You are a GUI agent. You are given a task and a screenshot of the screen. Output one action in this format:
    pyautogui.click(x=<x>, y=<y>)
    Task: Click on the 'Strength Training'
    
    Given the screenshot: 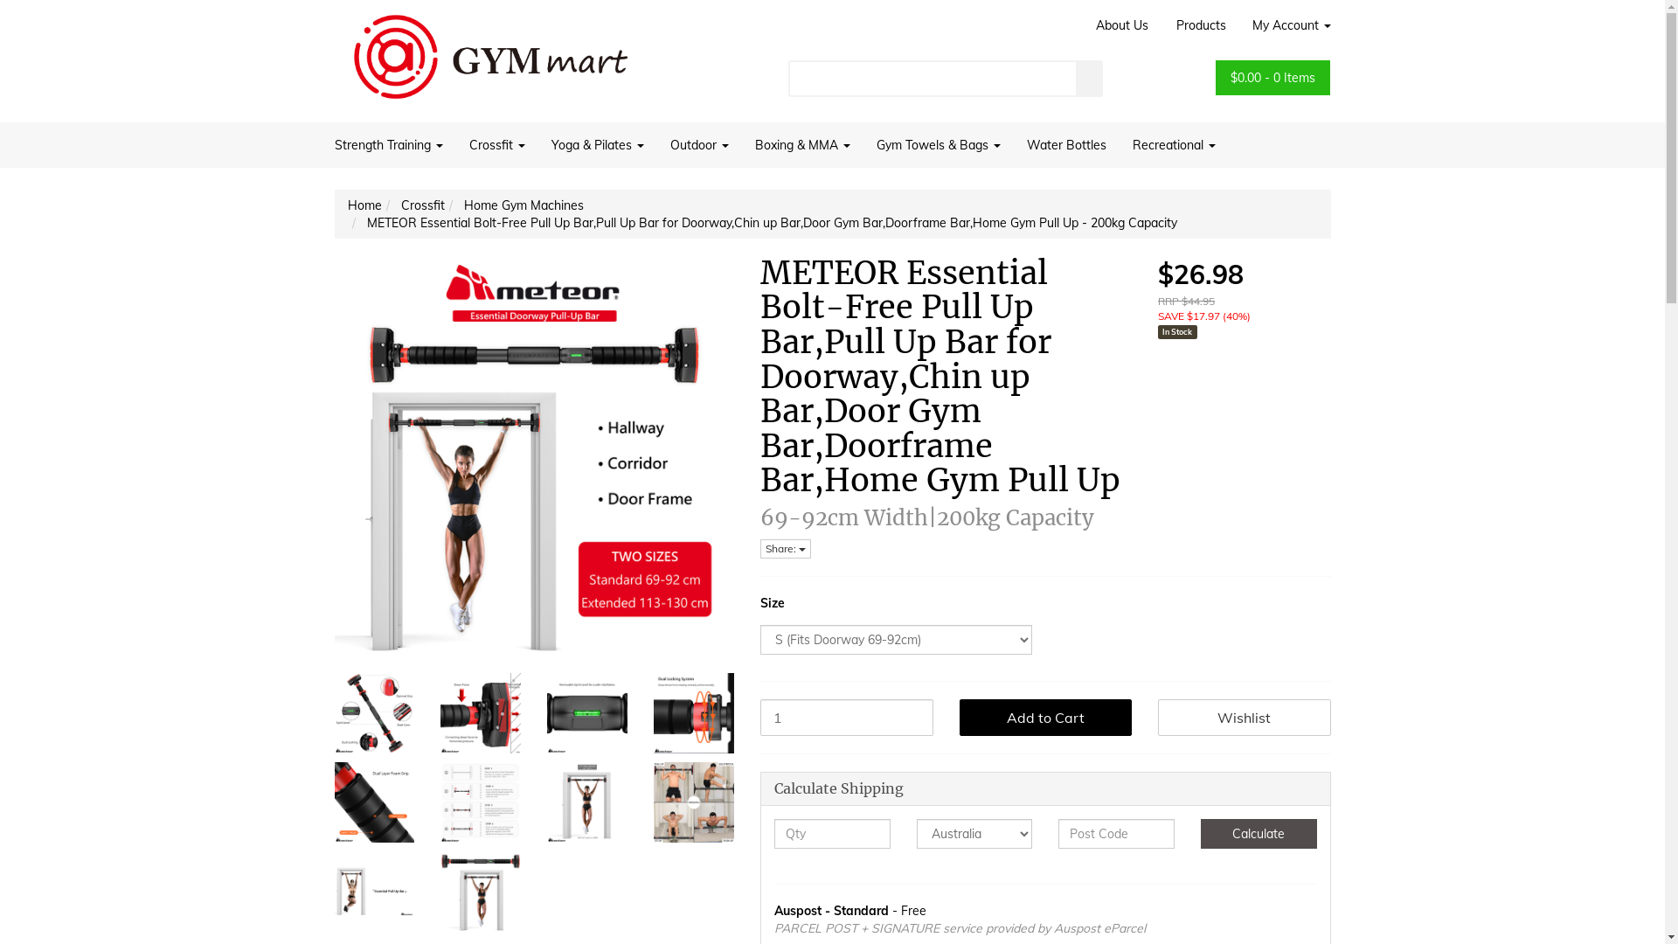 What is the action you would take?
    pyautogui.click(x=393, y=143)
    